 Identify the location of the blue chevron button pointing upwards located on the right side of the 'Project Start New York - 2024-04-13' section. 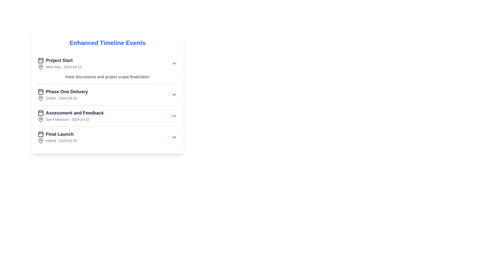
(174, 63).